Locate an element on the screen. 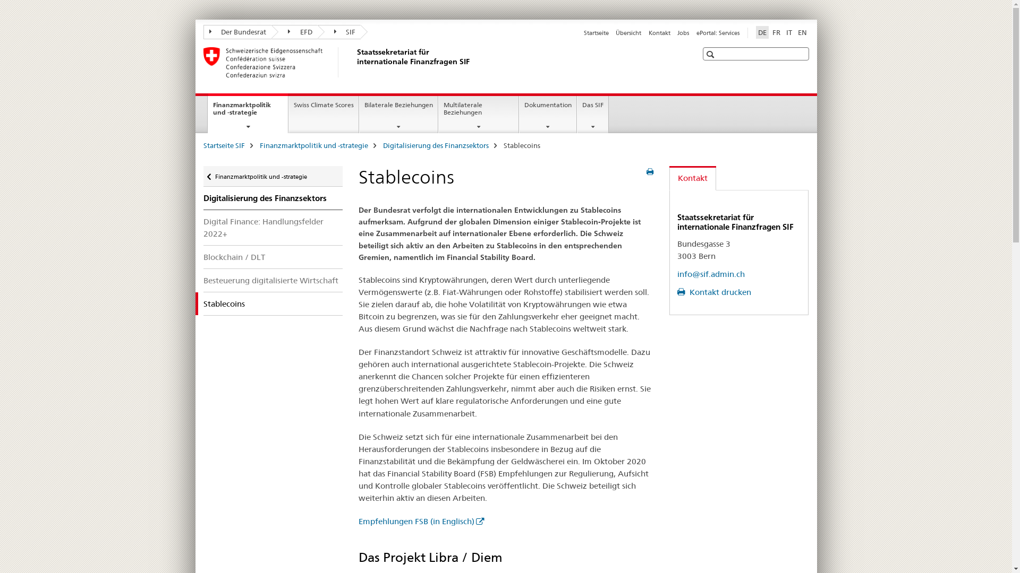  'Startseite' is located at coordinates (596, 32).